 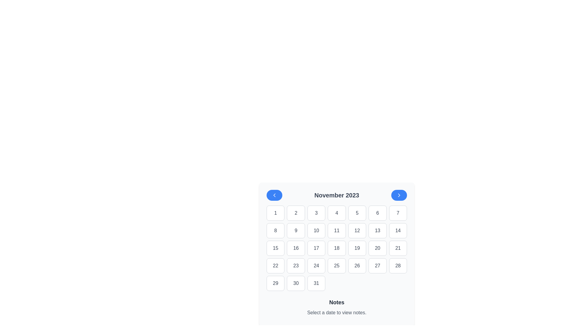 I want to click on the interactive calendar day button representing the date 24, so click(x=316, y=266).